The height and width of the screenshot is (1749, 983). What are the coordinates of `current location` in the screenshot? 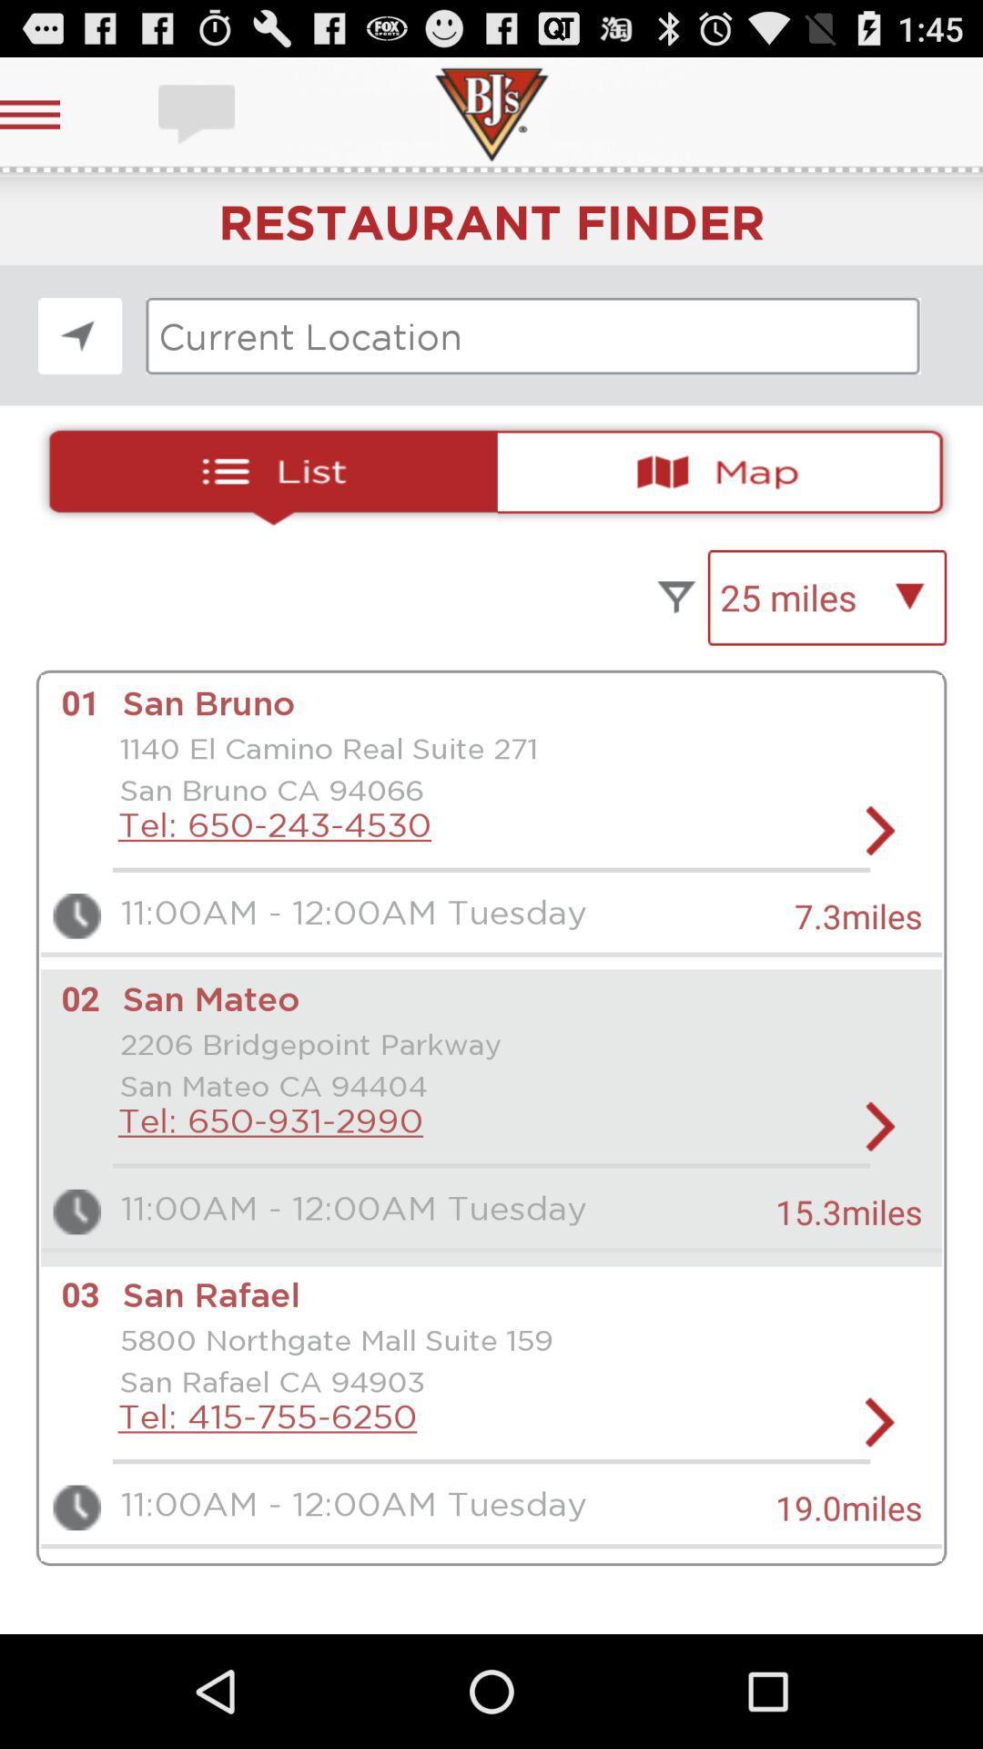 It's located at (532, 336).